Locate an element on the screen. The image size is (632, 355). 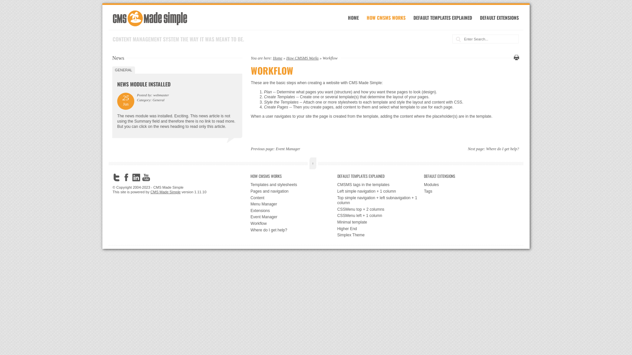
'NEWS MODULE INSTALLED' is located at coordinates (143, 83).